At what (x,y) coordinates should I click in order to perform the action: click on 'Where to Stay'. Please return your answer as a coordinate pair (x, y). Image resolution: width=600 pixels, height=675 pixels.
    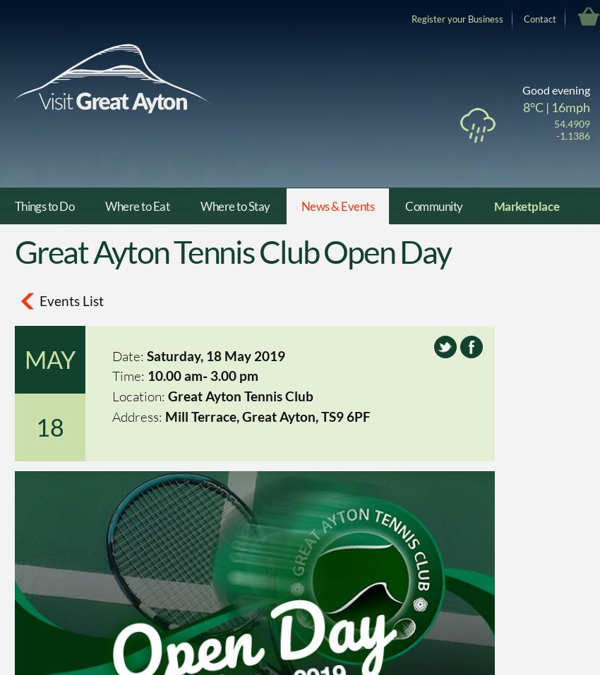
    Looking at the image, I should click on (235, 206).